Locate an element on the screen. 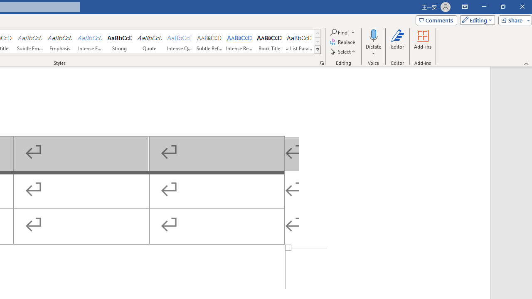  'Subtle Emphasis' is located at coordinates (30, 42).